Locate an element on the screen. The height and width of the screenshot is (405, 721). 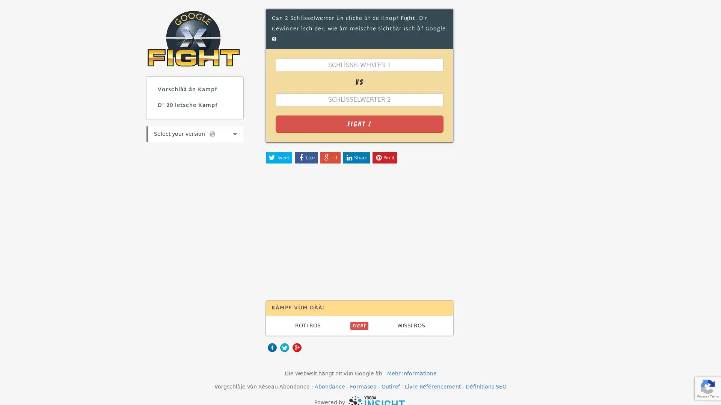
FIGHT is located at coordinates (359, 325).